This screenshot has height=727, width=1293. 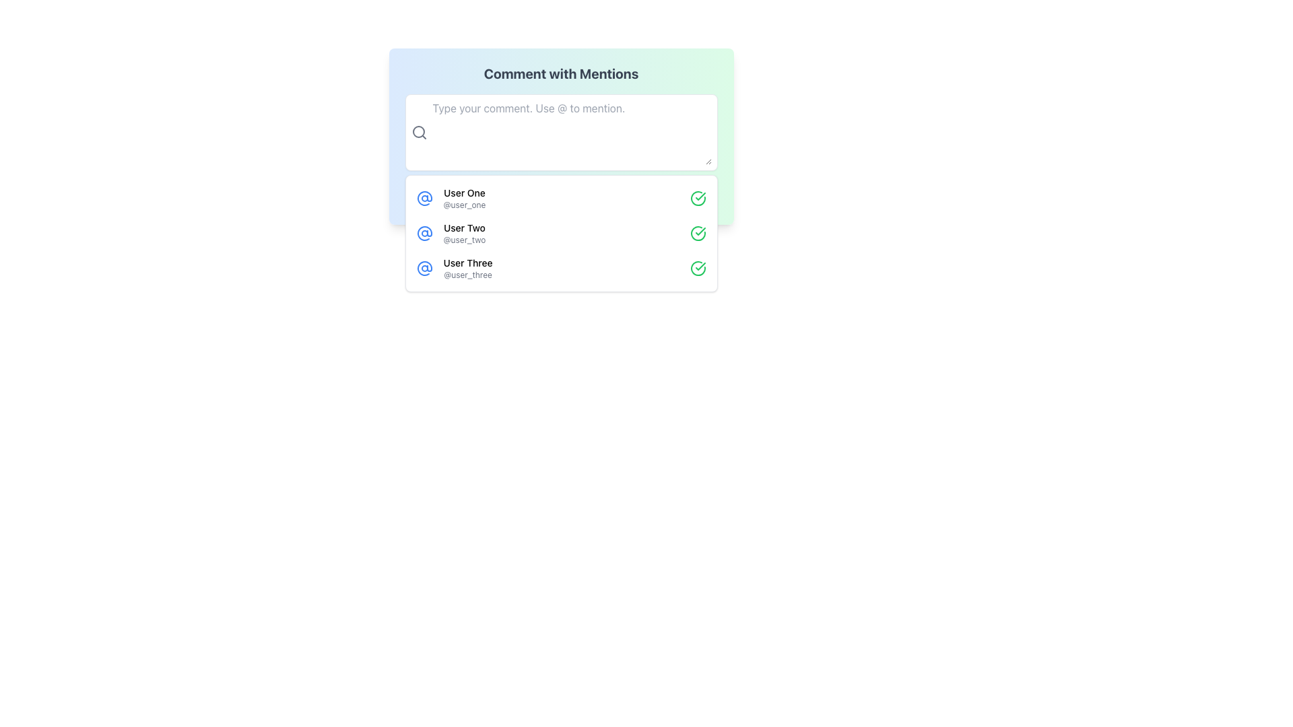 What do you see at coordinates (698, 233) in the screenshot?
I see `the circular green checkmark icon located on the right side of the 'User Two @user_two' line item in the user mention dropdown` at bounding box center [698, 233].